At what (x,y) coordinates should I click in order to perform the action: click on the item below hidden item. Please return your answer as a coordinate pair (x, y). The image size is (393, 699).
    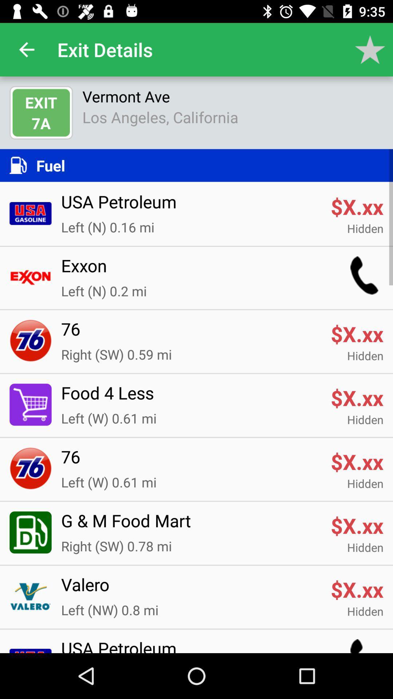
    Looking at the image, I should click on (191, 589).